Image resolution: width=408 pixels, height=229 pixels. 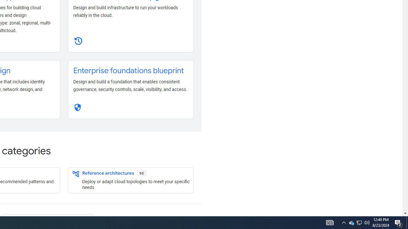 What do you see at coordinates (128, 71) in the screenshot?
I see `'Enterprise foundations blueprint'` at bounding box center [128, 71].